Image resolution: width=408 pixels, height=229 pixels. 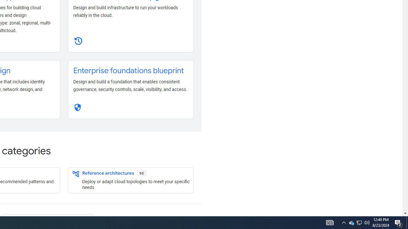 What do you see at coordinates (128, 71) in the screenshot?
I see `'Enterprise foundations blueprint'` at bounding box center [128, 71].